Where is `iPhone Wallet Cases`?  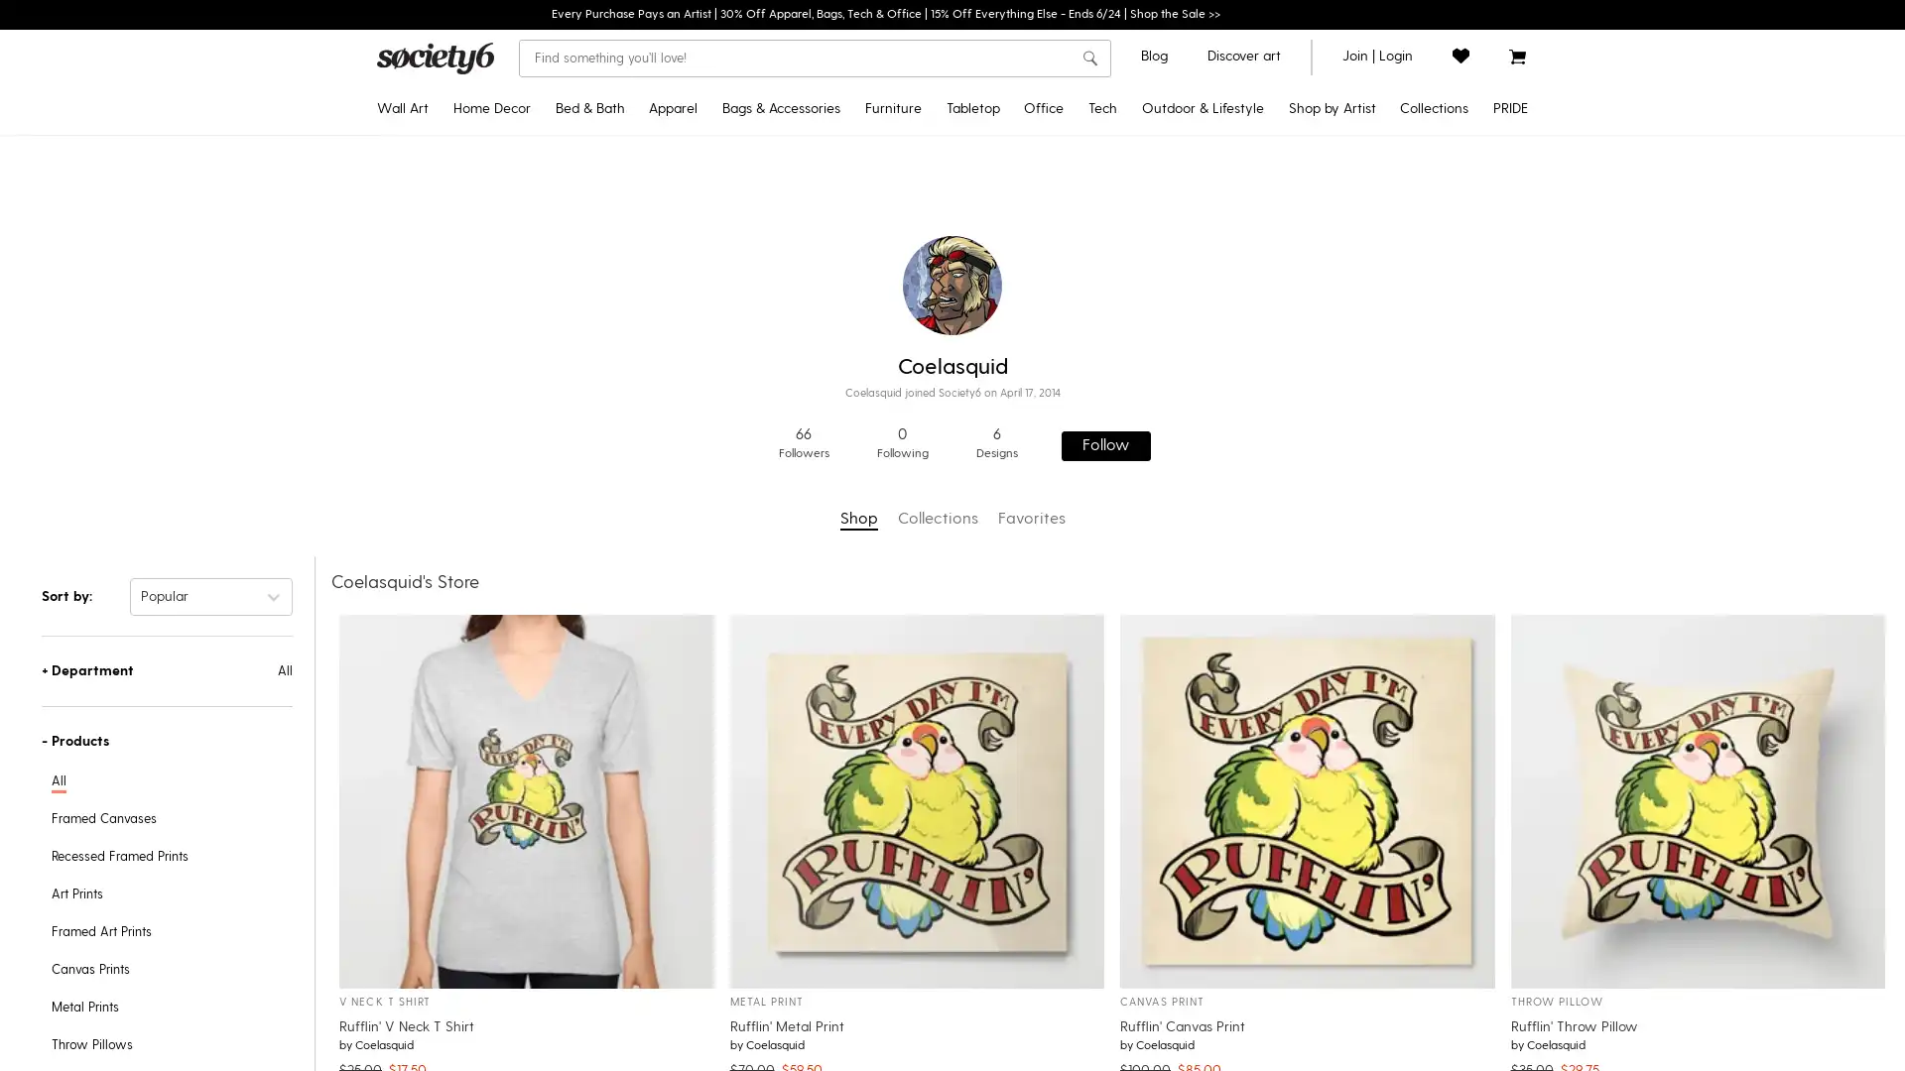 iPhone Wallet Cases is located at coordinates (1173, 222).